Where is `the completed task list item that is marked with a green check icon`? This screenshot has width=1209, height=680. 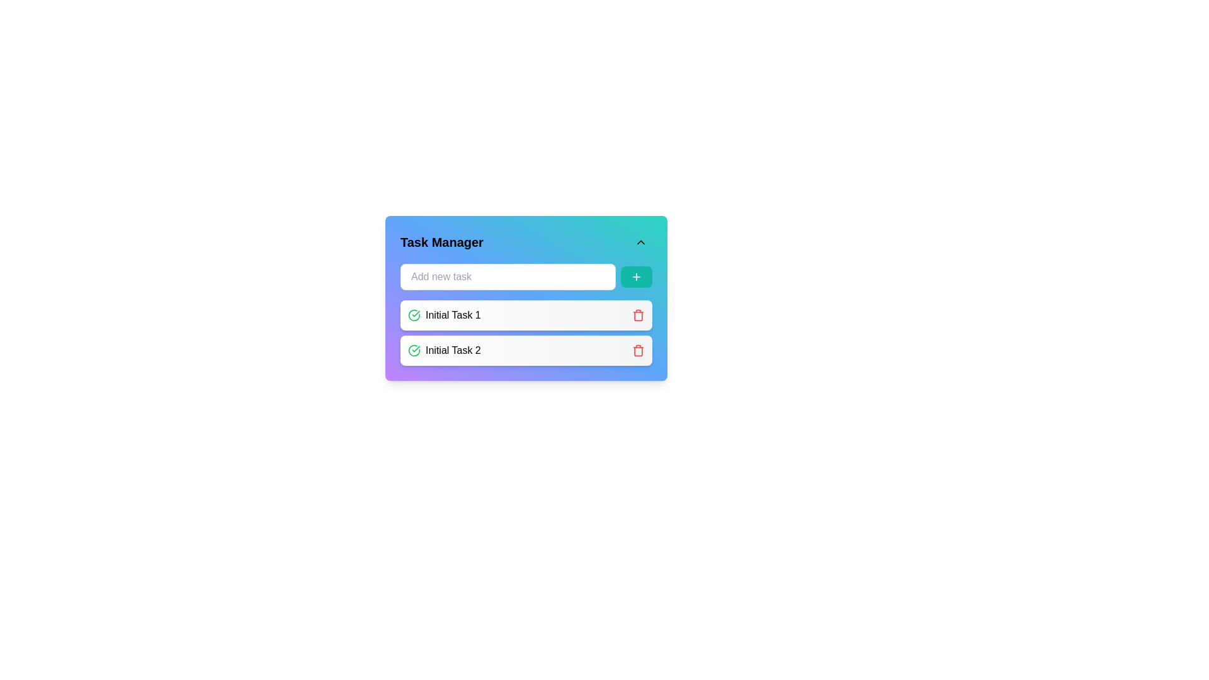
the completed task list item that is marked with a green check icon is located at coordinates (444, 315).